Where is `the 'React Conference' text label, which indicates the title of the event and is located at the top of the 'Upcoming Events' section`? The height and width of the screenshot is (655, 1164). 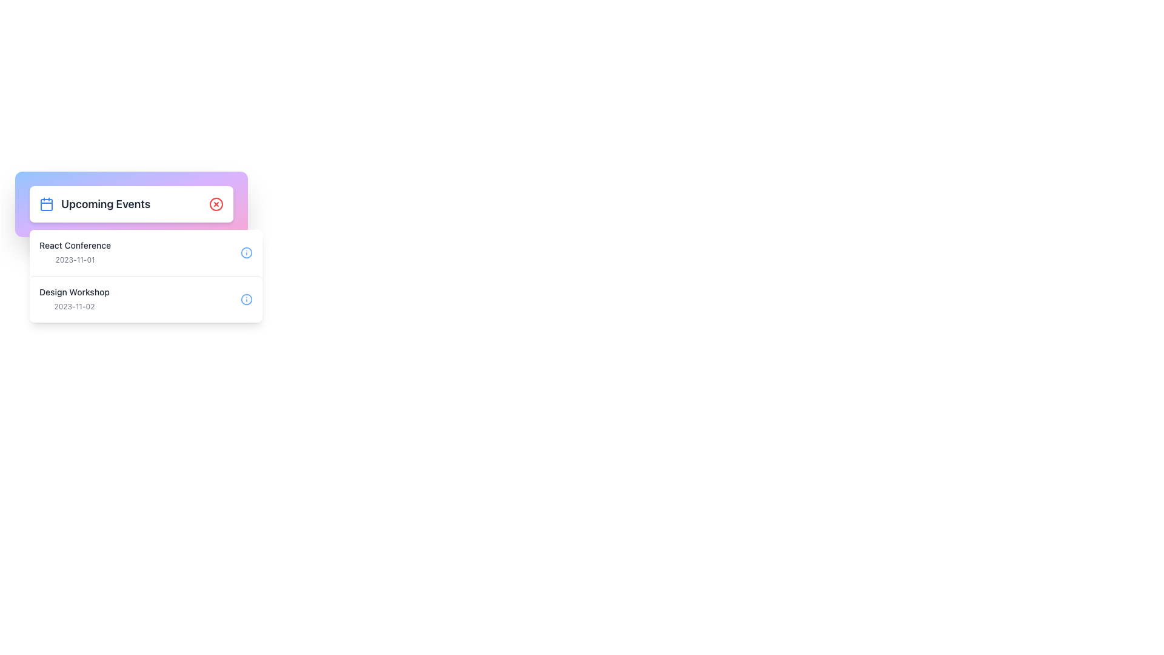
the 'React Conference' text label, which indicates the title of the event and is located at the top of the 'Upcoming Events' section is located at coordinates (75, 246).